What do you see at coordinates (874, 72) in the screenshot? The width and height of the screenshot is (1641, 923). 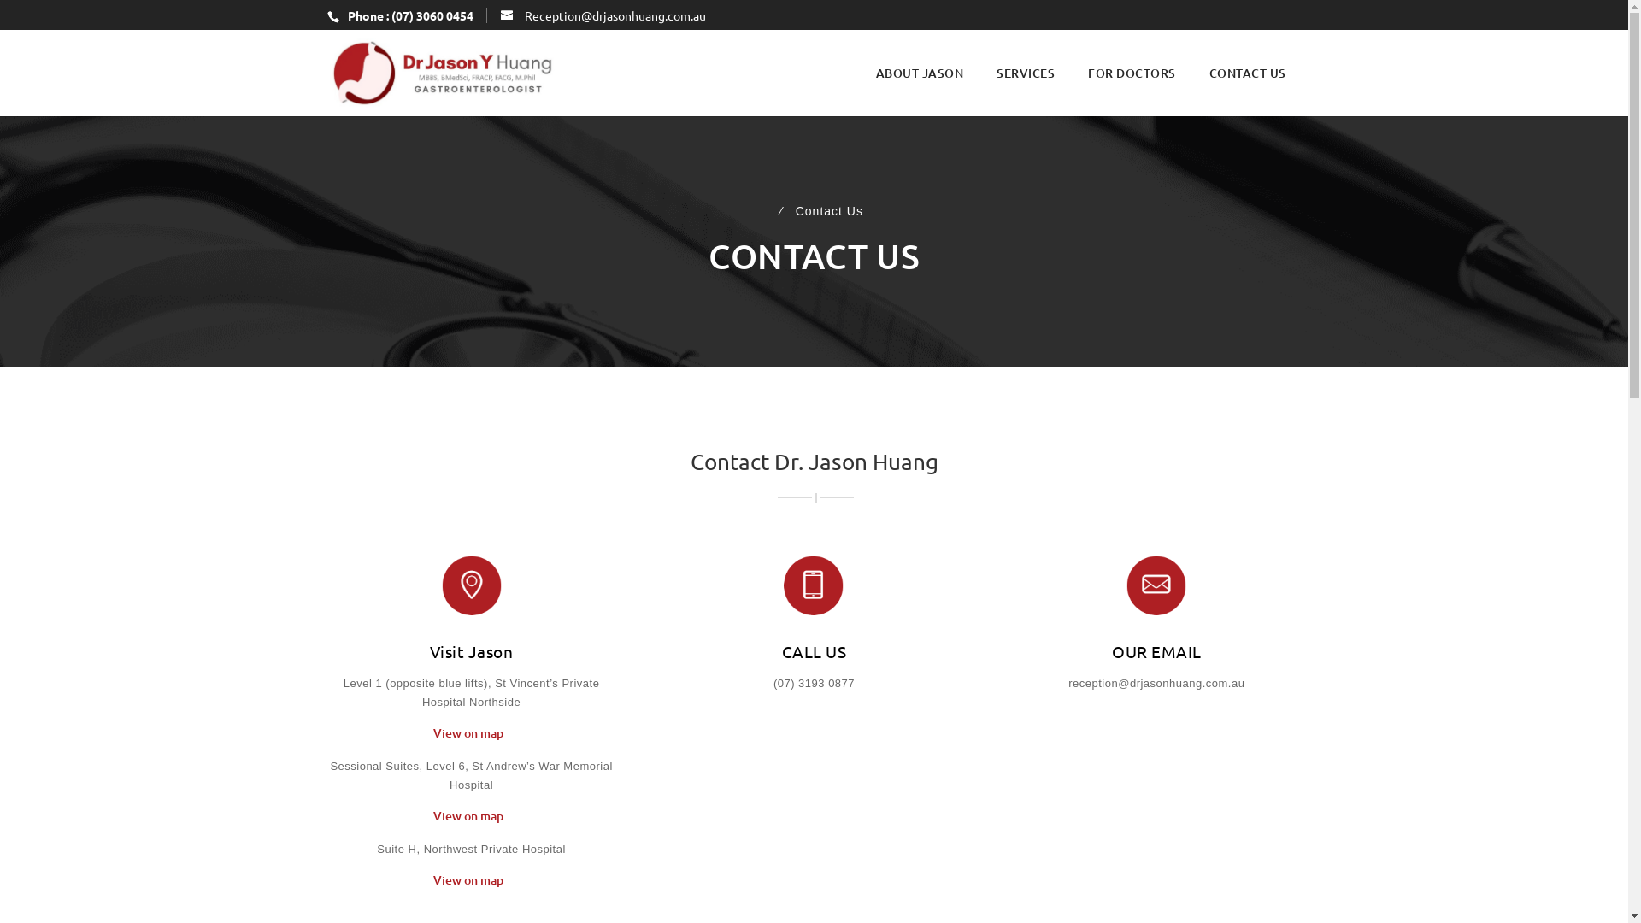 I see `'ABOUT JASON'` at bounding box center [874, 72].